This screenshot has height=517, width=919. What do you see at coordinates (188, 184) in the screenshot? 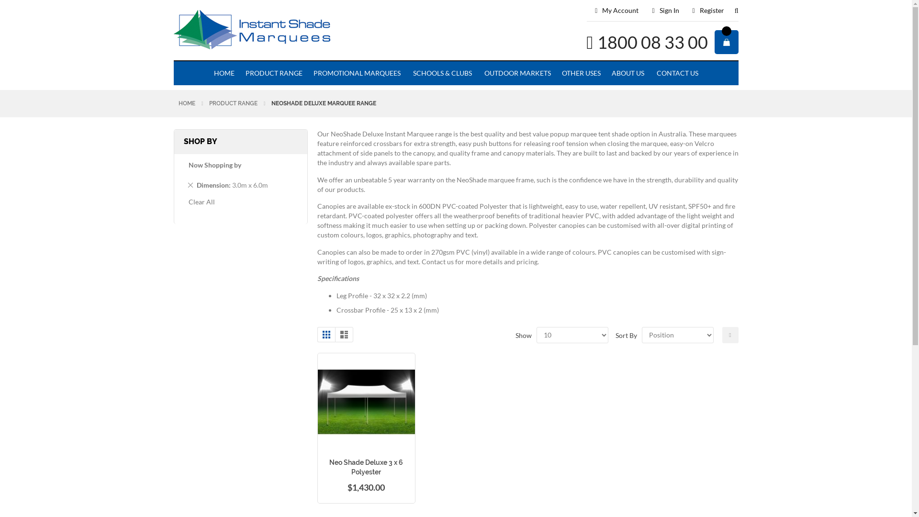
I see `'Remove This Item'` at bounding box center [188, 184].